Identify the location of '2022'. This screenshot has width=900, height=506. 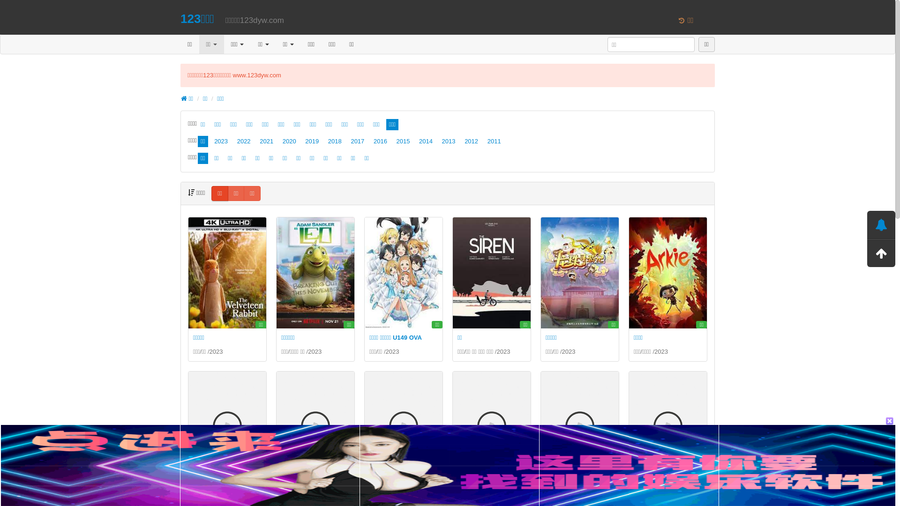
(244, 141).